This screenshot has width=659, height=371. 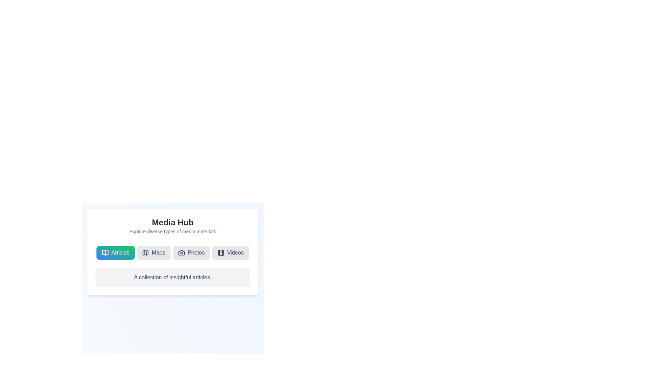 I want to click on the camera icon within the 'Photos' button, so click(x=181, y=253).